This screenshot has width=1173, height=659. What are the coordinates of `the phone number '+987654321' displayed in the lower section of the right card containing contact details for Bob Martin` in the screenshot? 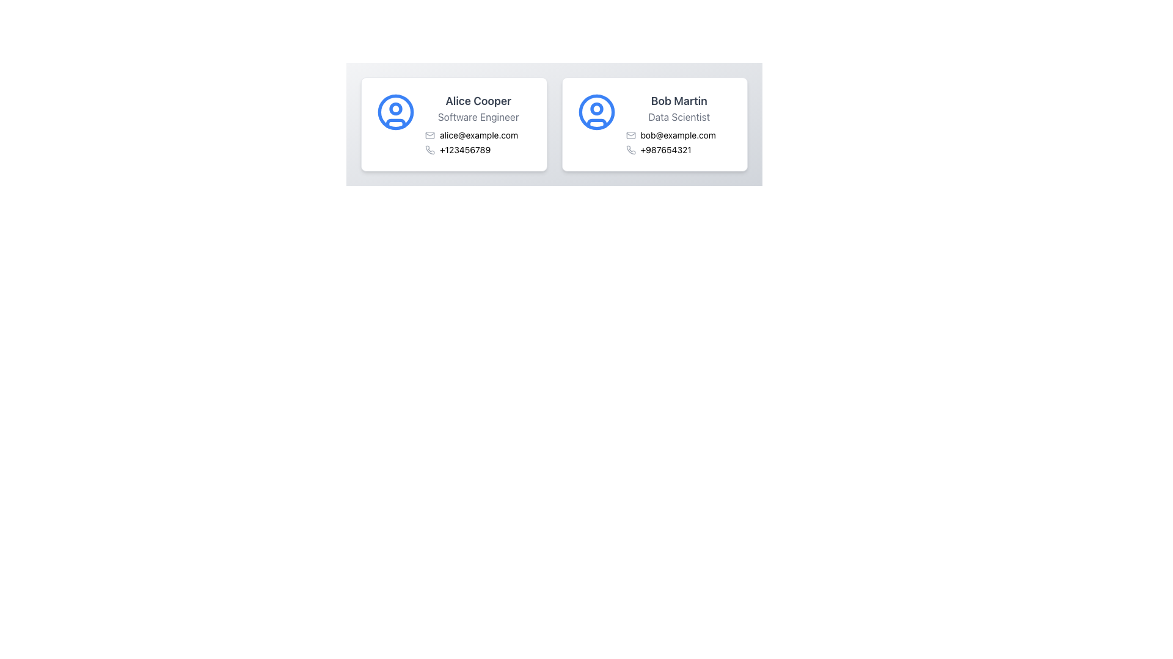 It's located at (678, 149).